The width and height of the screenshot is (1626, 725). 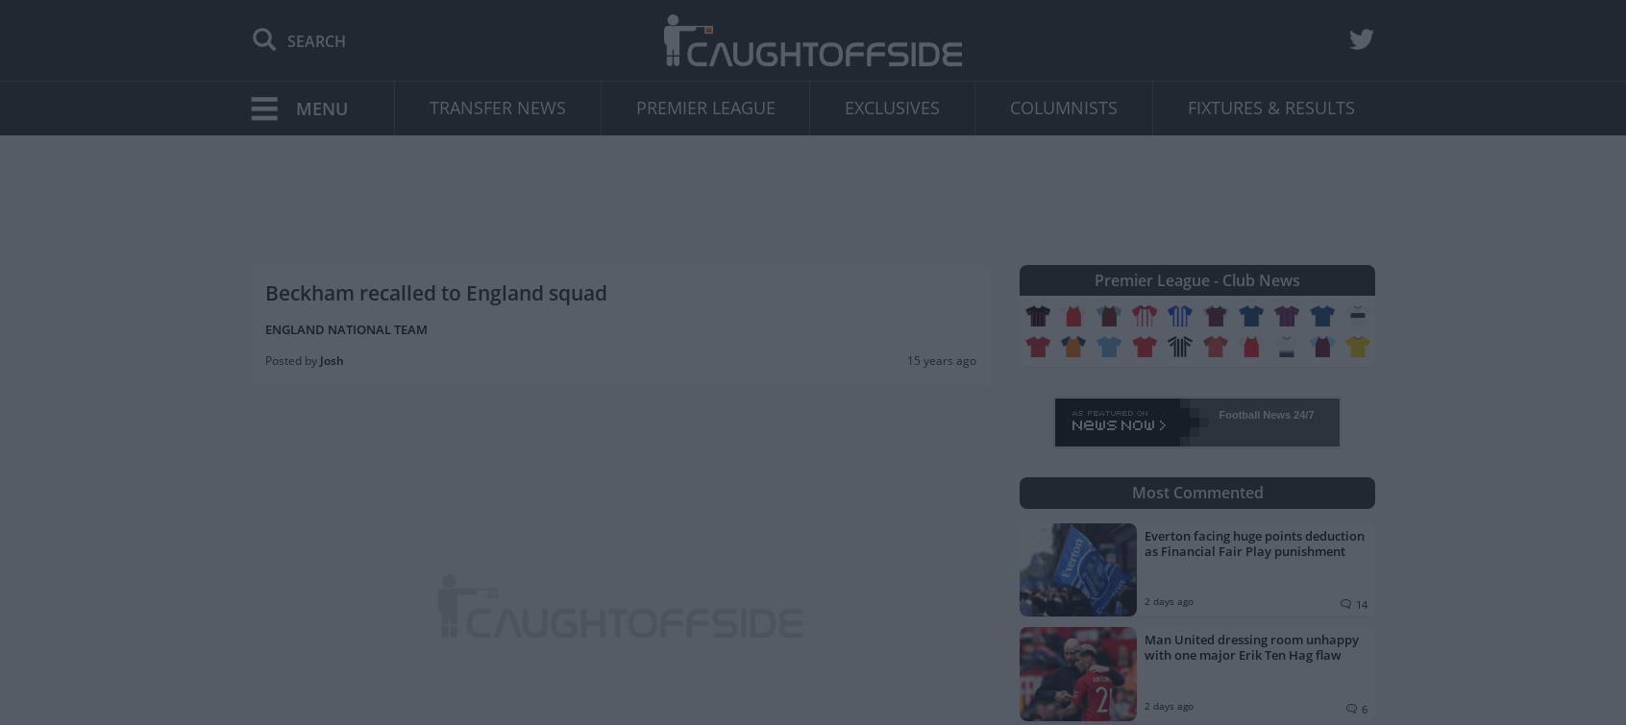 I want to click on 'Transfer News', so click(x=497, y=107).